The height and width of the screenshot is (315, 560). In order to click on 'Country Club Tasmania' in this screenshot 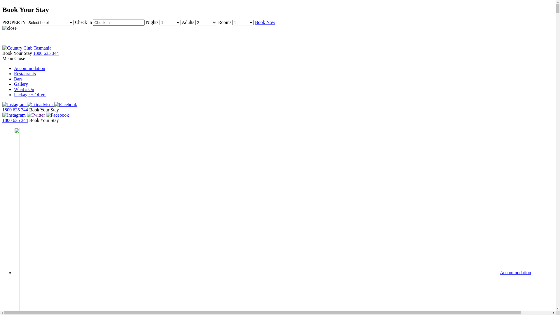, I will do `click(2, 48)`.